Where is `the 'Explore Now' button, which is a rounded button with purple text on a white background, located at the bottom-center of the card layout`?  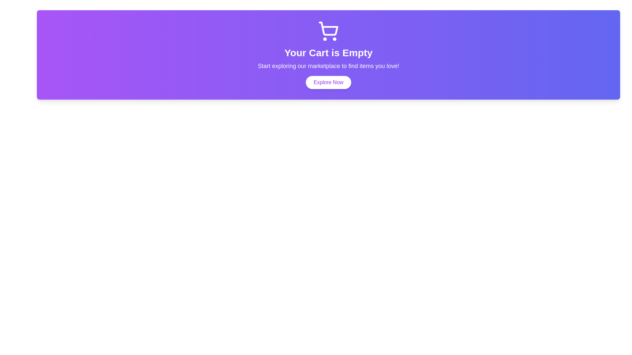 the 'Explore Now' button, which is a rounded button with purple text on a white background, located at the bottom-center of the card layout is located at coordinates (329, 82).